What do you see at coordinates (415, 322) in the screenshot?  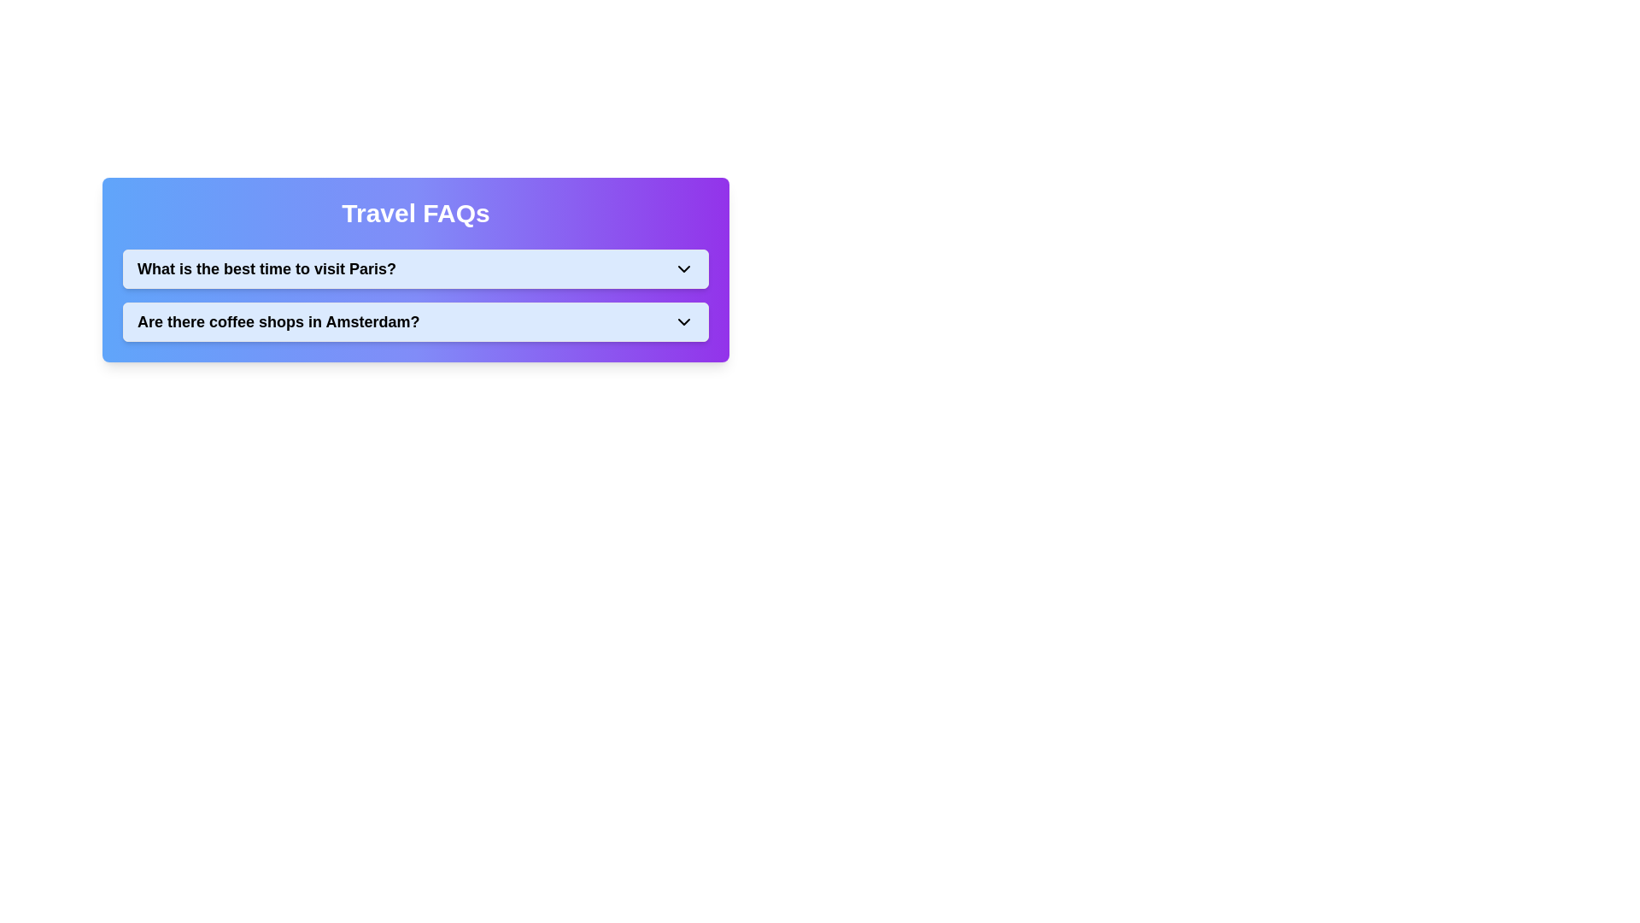 I see `the second Accordion item or collapsible button that provides an FAQ question, located below the button titled 'What is the best time to visit Paris?'` at bounding box center [415, 322].